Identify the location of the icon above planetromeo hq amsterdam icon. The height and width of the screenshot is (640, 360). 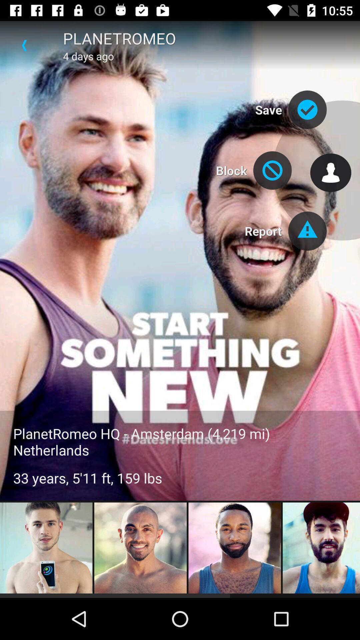
(24, 45).